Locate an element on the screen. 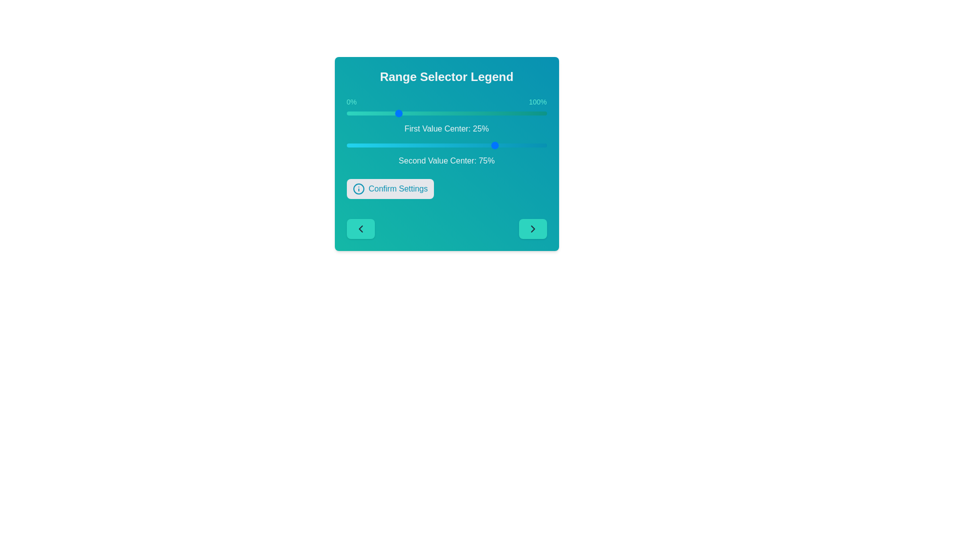  the 'Confirm Settings' button located at the bottom of the panel labeled 'Range Selector Legend' is located at coordinates (446, 154).